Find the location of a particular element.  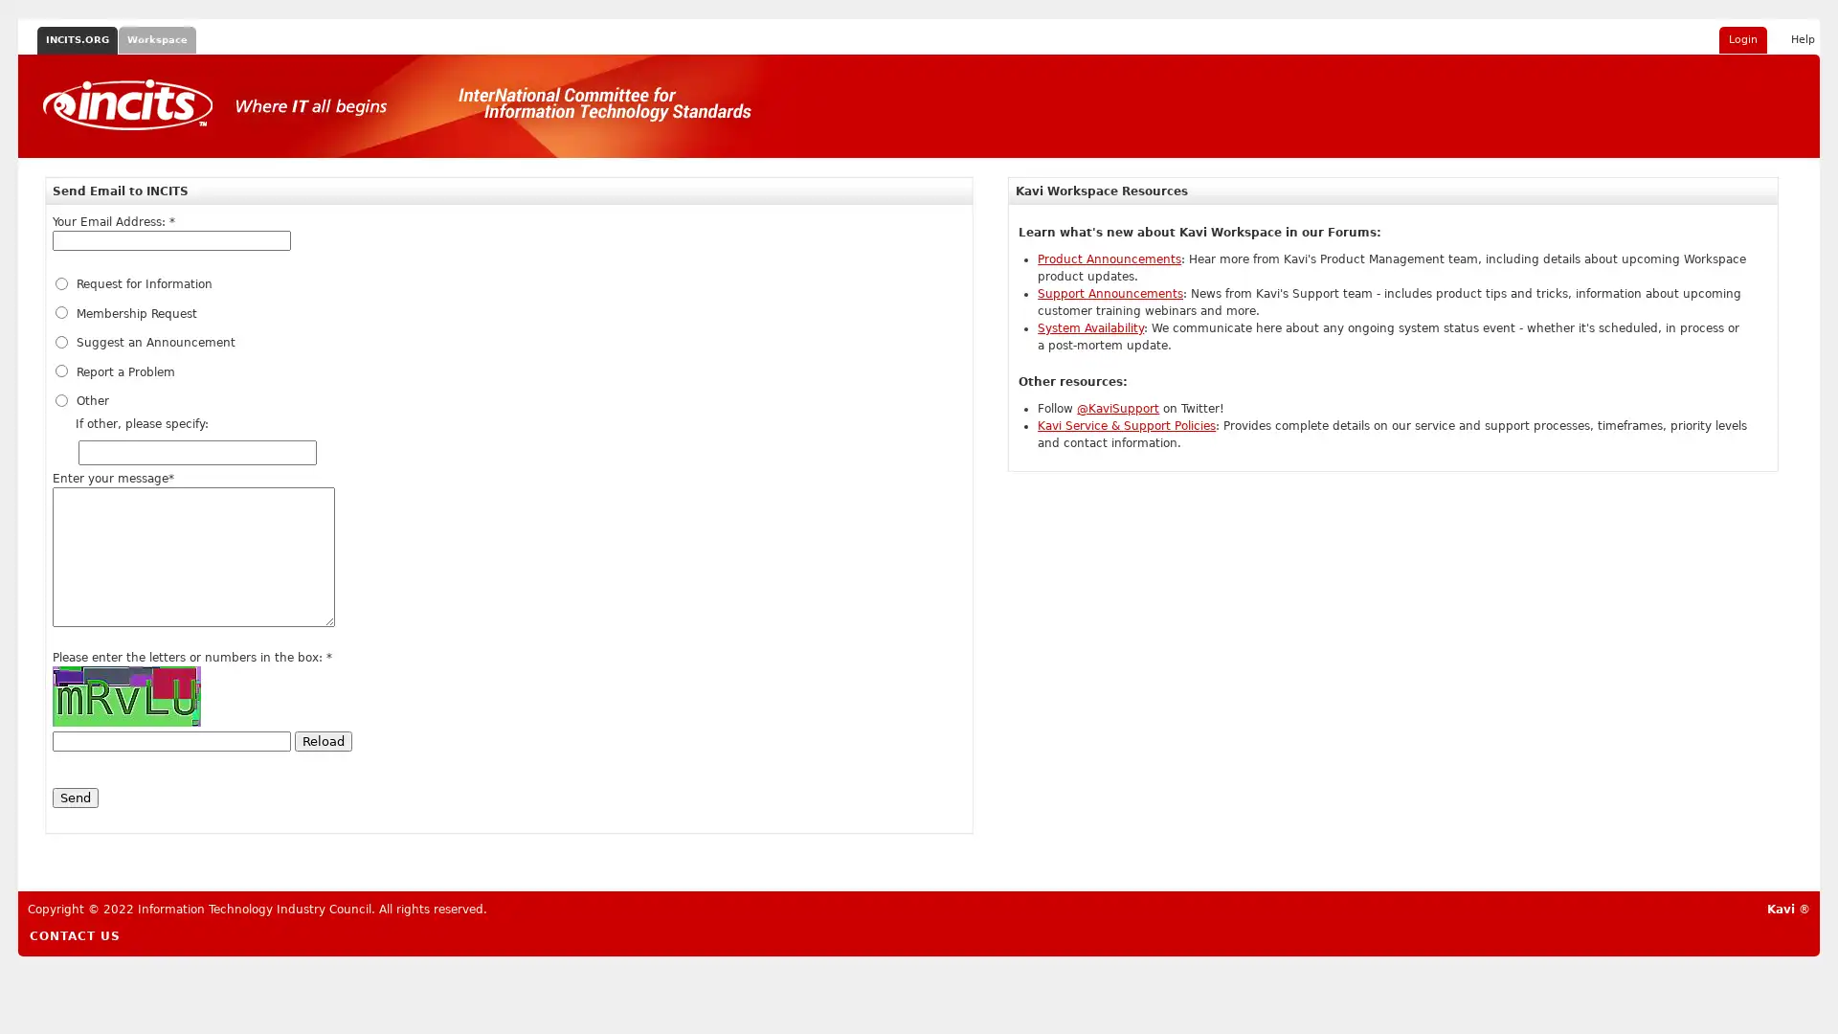

Reload is located at coordinates (323, 740).